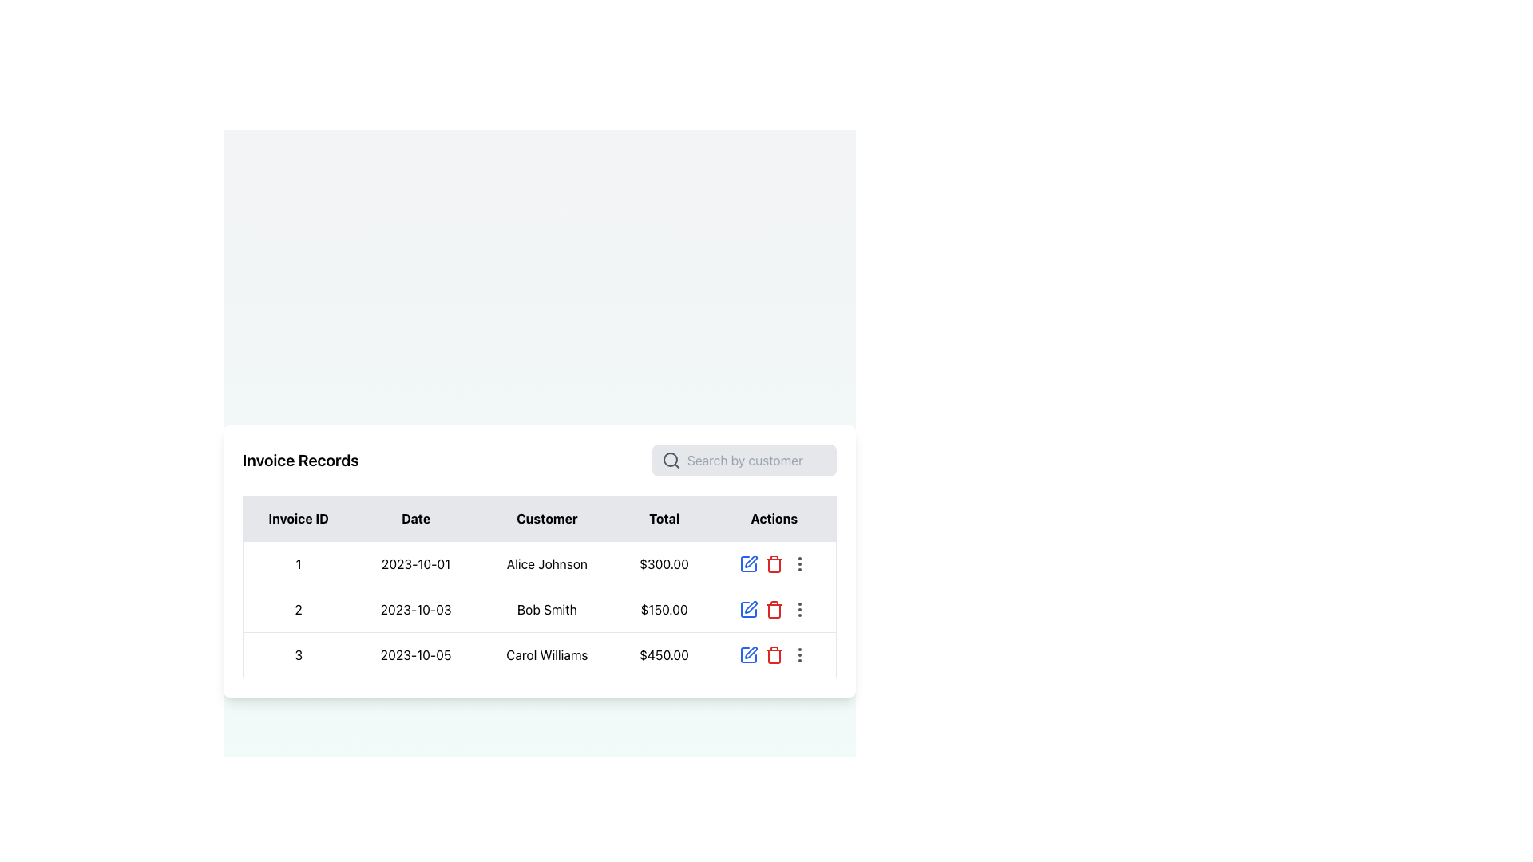  Describe the element at coordinates (747, 654) in the screenshot. I see `the blue pen icon button in the actions column of the third row for the customer 'Carol Williams'` at that location.